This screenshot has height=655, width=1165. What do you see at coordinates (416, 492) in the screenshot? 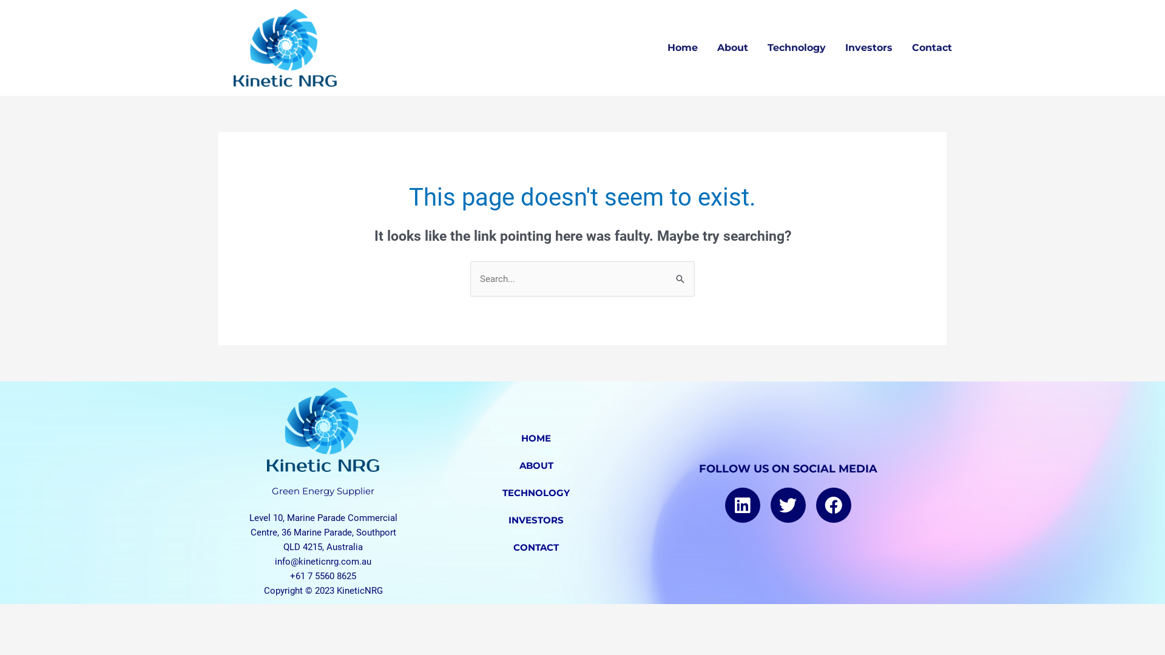
I see `'TECHNOLOGY'` at bounding box center [416, 492].